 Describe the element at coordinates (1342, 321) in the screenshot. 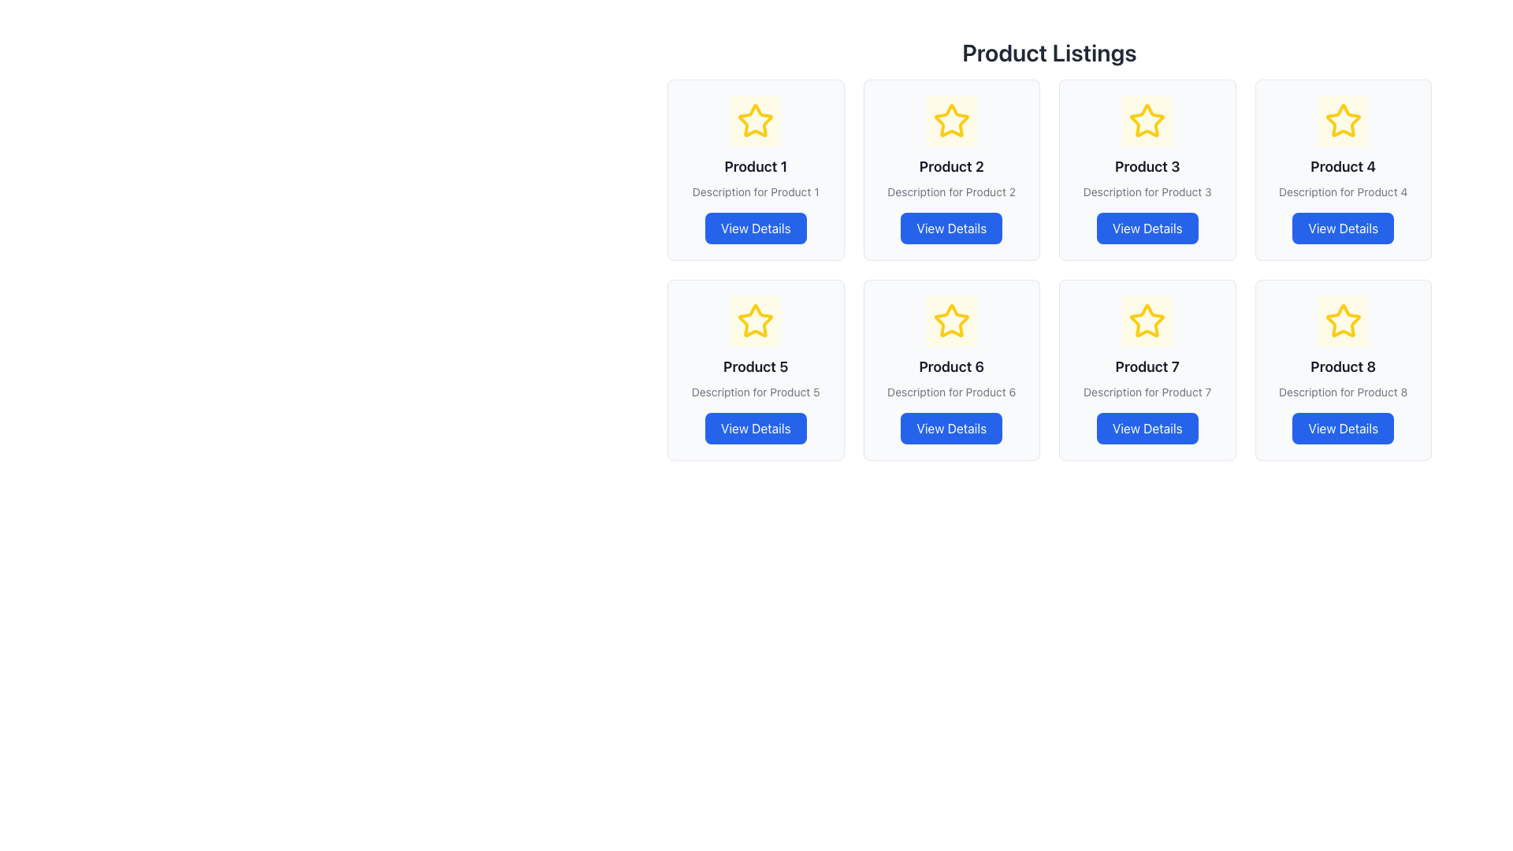

I see `the decorative star icon representing the rating feature of the 'Product 8' UI card, located at the top-center of the card, slightly above the text 'Product 8'` at that location.